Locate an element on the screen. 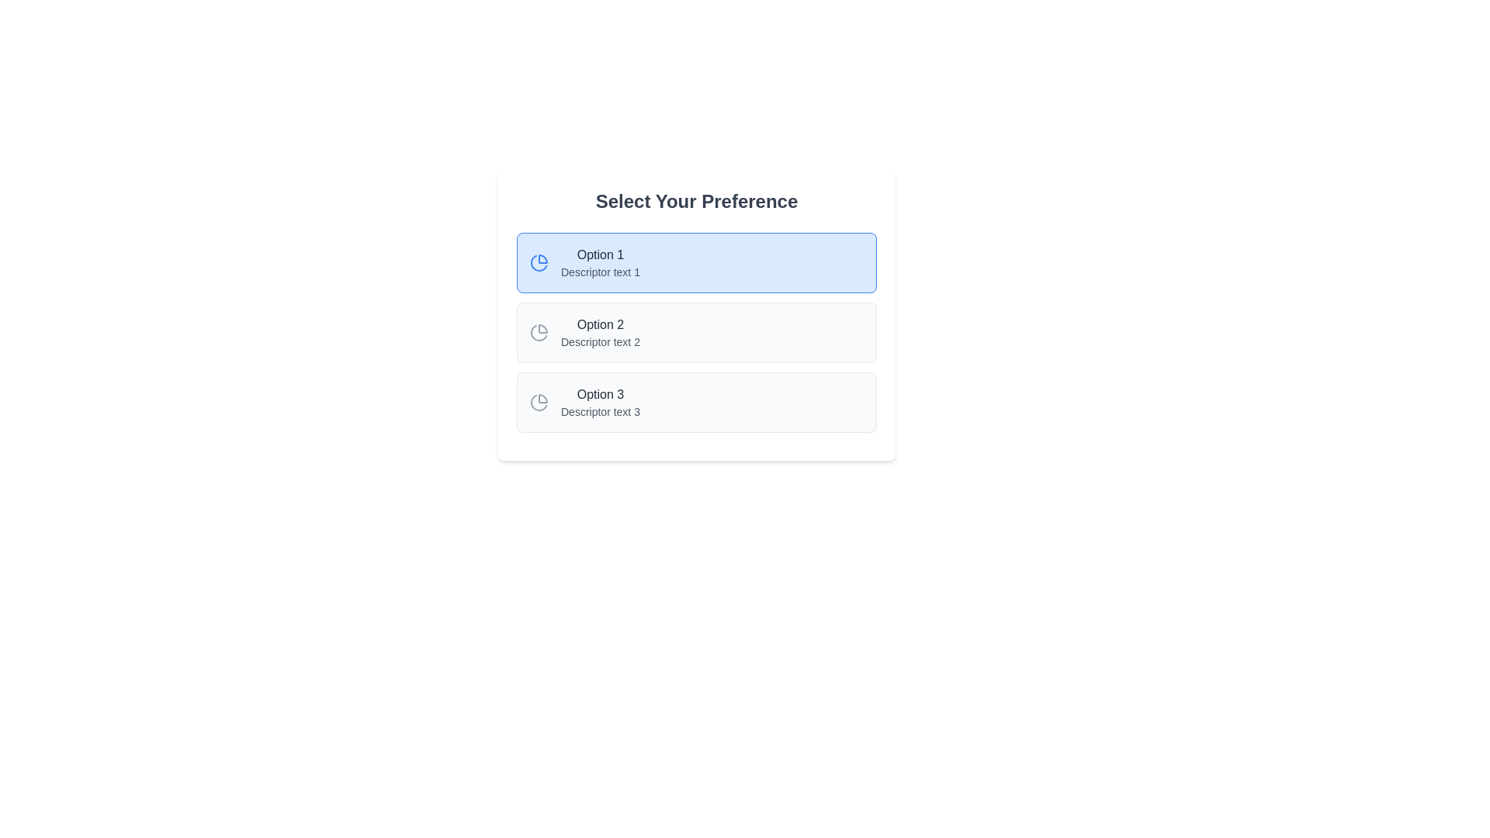 The image size is (1490, 838). the pie chart styled icon, which has a segment highlighted and is located to the left of the text 'Option 3' in the third selectable option of a grouped list is located at coordinates (539, 402).